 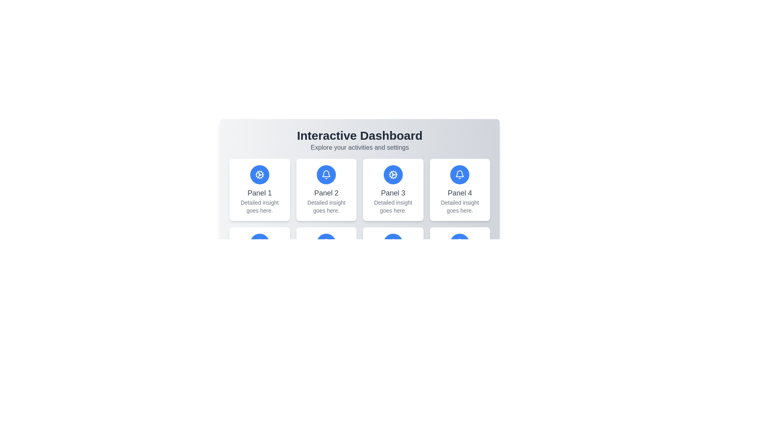 I want to click on descriptive text located below the primary title 'Panel 1' in the 'Interactive Dashboard' interface, so click(x=259, y=206).